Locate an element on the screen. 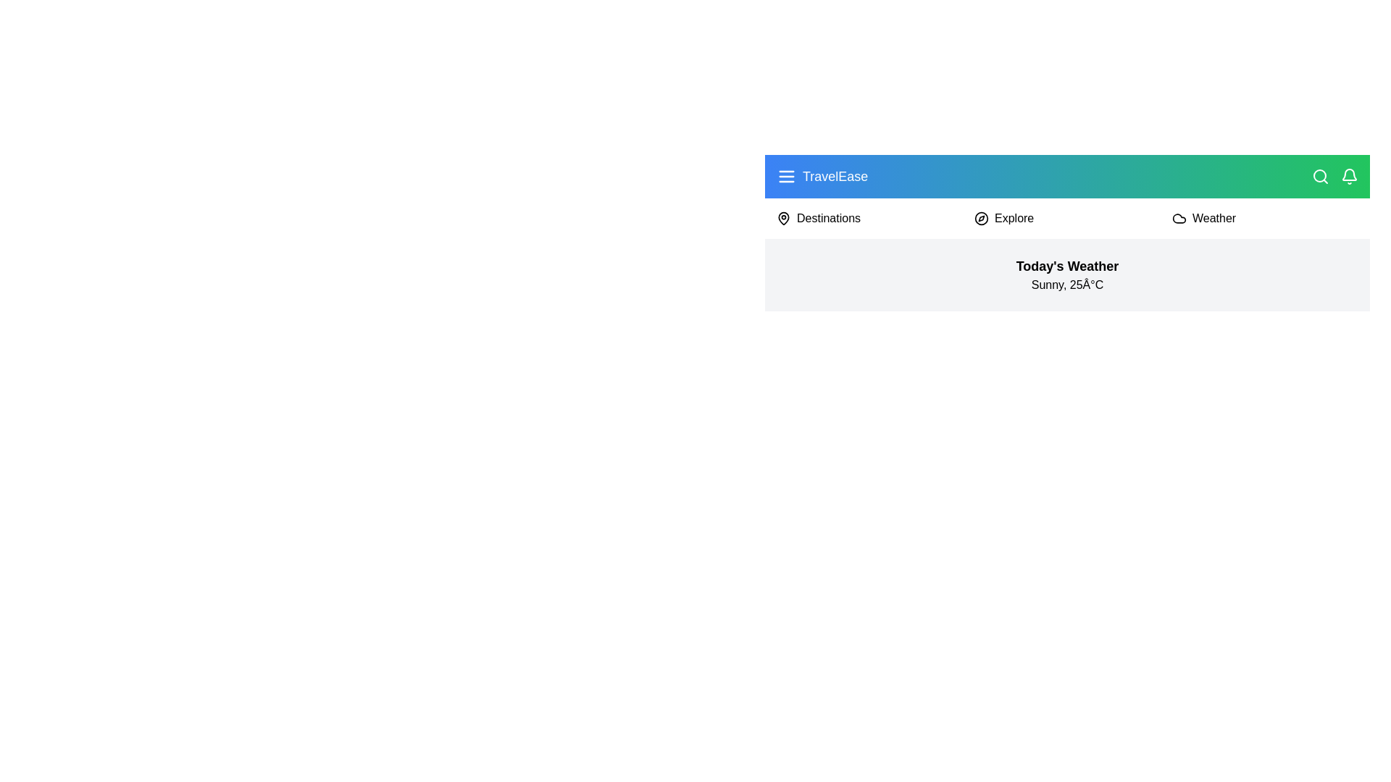 The height and width of the screenshot is (782, 1391). the menu item Destinations from the main menu is located at coordinates (828, 218).